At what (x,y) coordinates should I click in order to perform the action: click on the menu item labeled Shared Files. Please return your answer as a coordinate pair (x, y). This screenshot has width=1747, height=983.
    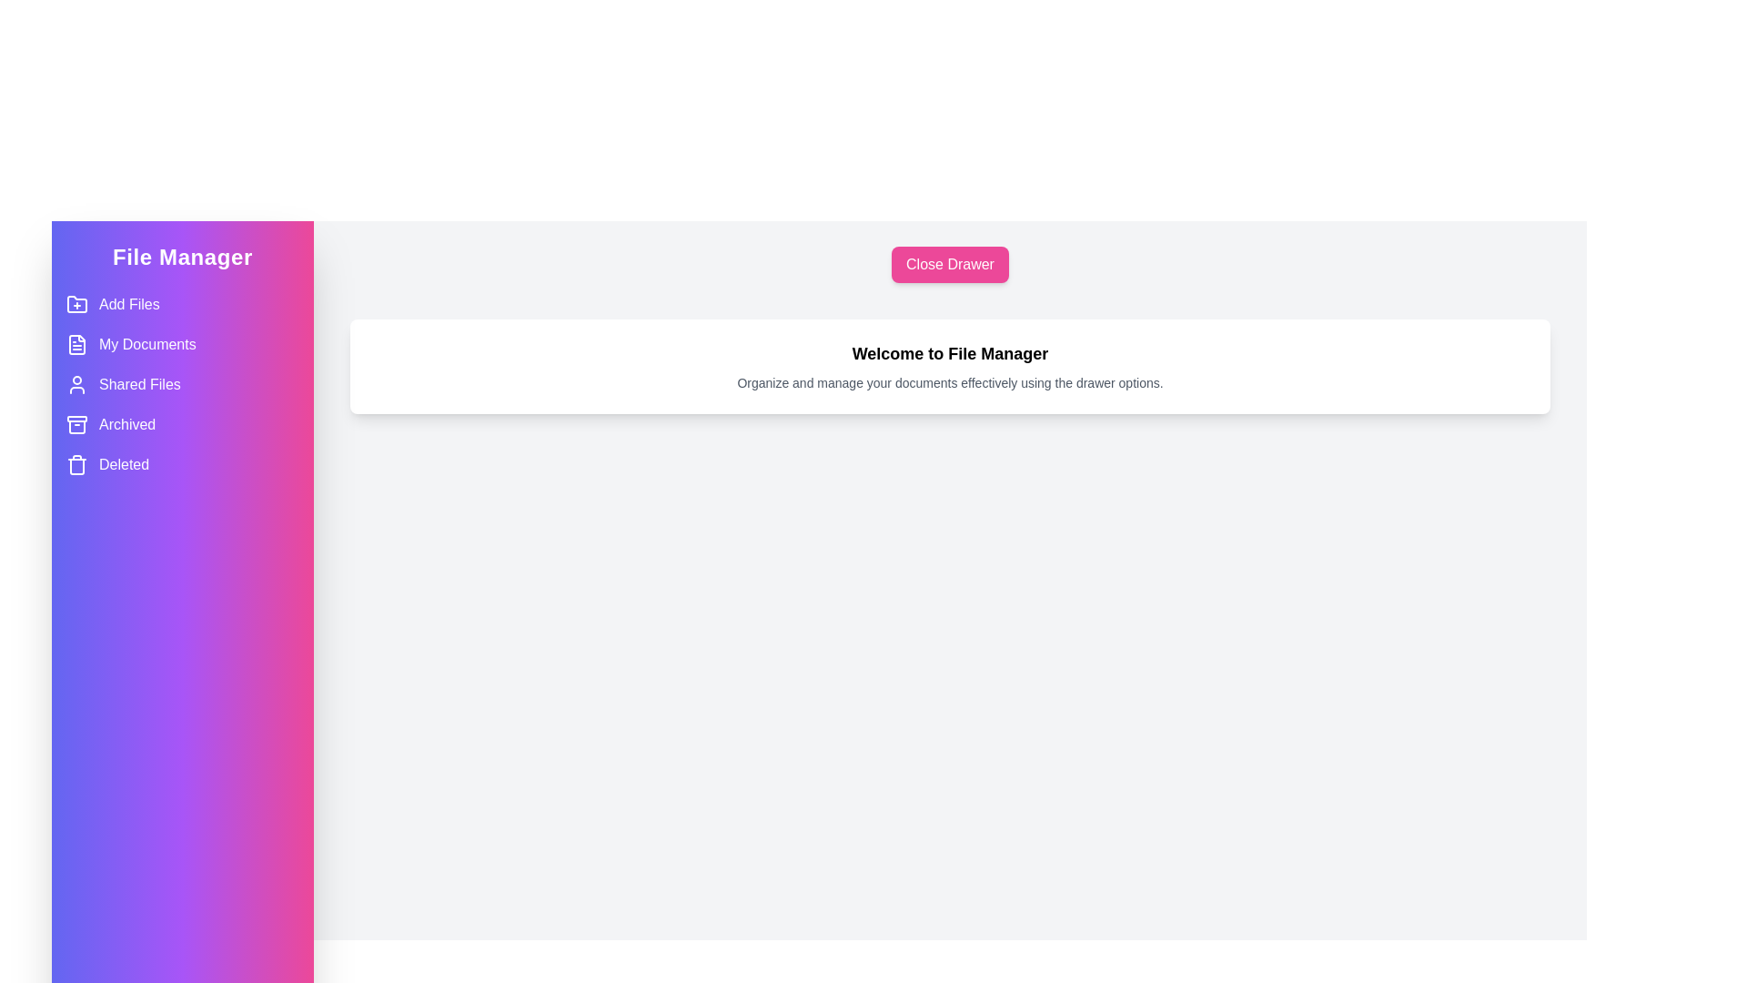
    Looking at the image, I should click on (183, 384).